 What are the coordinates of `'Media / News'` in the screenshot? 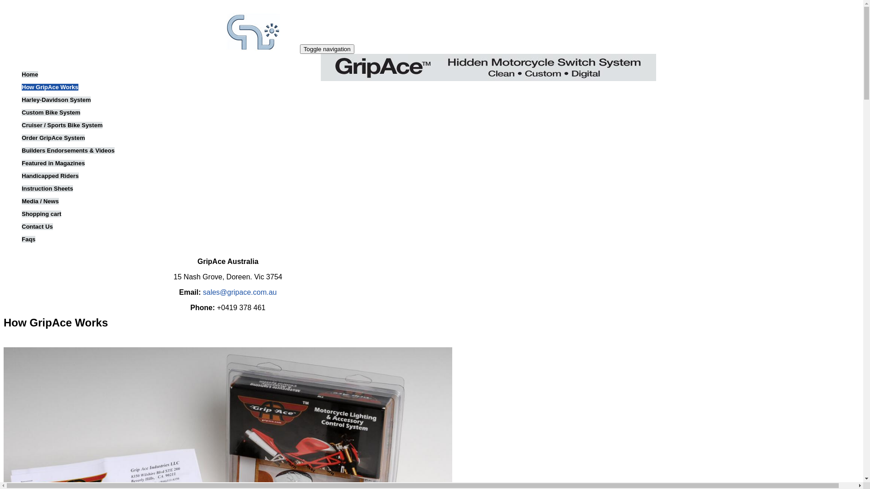 It's located at (22, 201).